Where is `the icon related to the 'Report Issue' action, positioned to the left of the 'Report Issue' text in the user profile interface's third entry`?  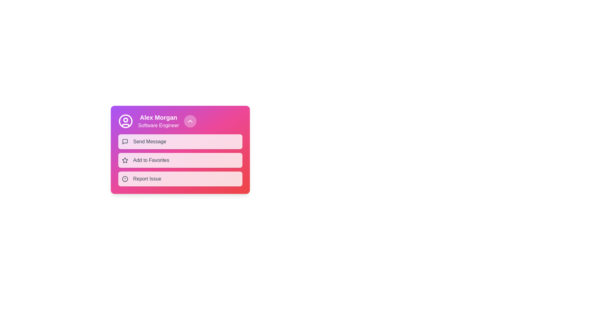 the icon related to the 'Report Issue' action, positioned to the left of the 'Report Issue' text in the user profile interface's third entry is located at coordinates (125, 179).